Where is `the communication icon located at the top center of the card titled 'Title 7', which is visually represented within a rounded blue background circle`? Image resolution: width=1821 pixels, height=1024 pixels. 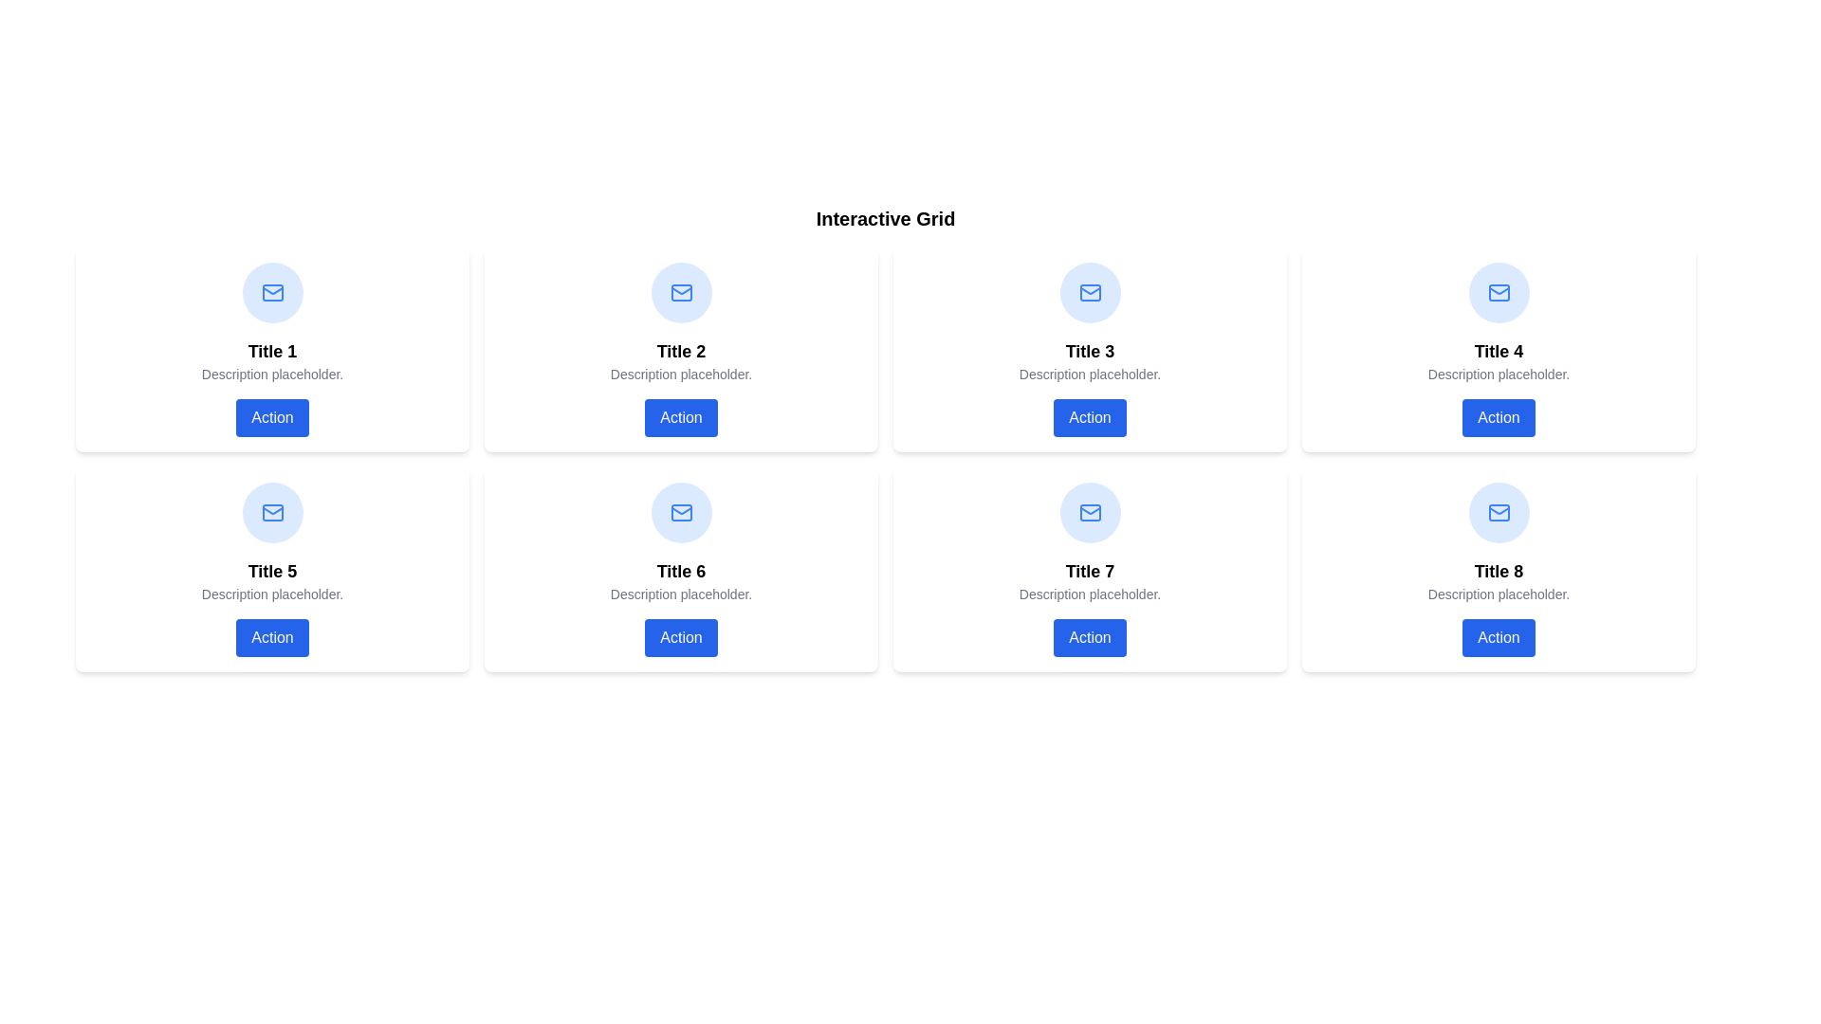 the communication icon located at the top center of the card titled 'Title 7', which is visually represented within a rounded blue background circle is located at coordinates (1090, 512).